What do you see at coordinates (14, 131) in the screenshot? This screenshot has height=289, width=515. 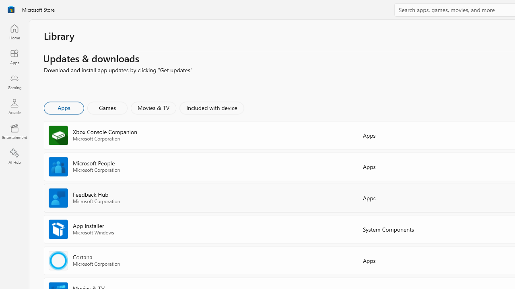 I see `'Entertainment'` at bounding box center [14, 131].